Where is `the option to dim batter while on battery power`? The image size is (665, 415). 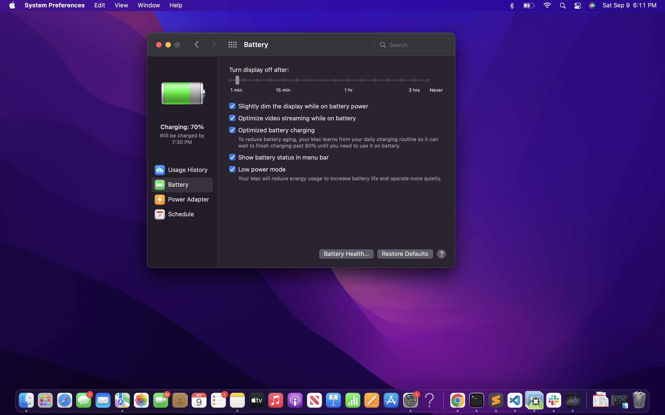
the option to dim batter while on battery power is located at coordinates (298, 106).